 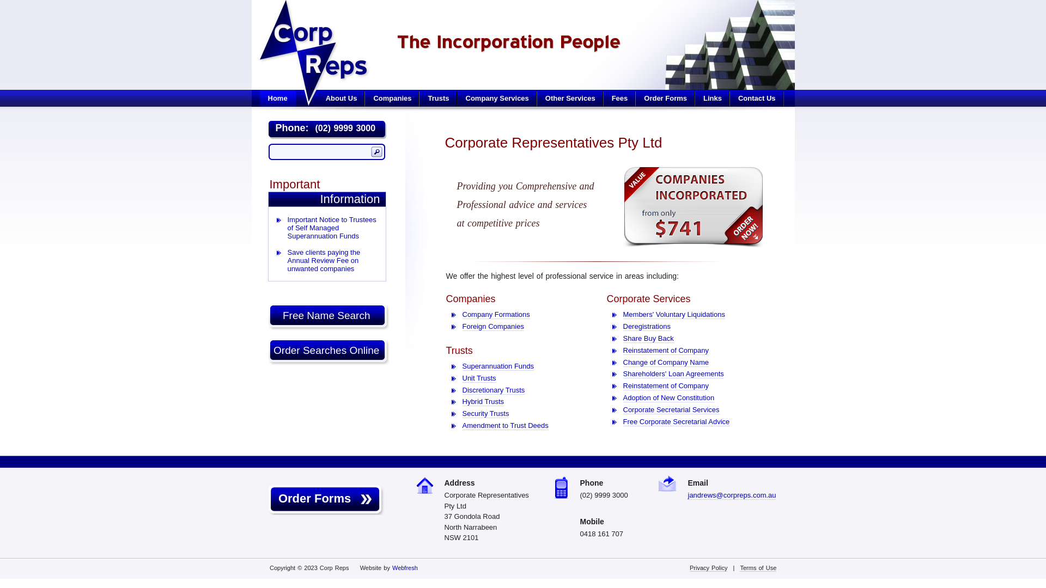 What do you see at coordinates (462, 401) in the screenshot?
I see `'Hybrid Trusts'` at bounding box center [462, 401].